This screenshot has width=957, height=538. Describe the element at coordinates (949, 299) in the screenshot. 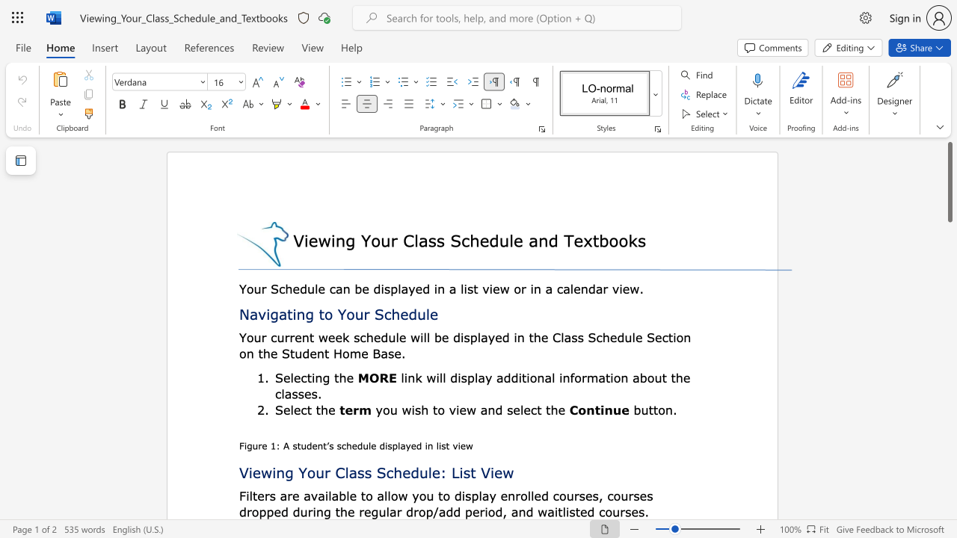

I see `the side scrollbar to bring the page down` at that location.